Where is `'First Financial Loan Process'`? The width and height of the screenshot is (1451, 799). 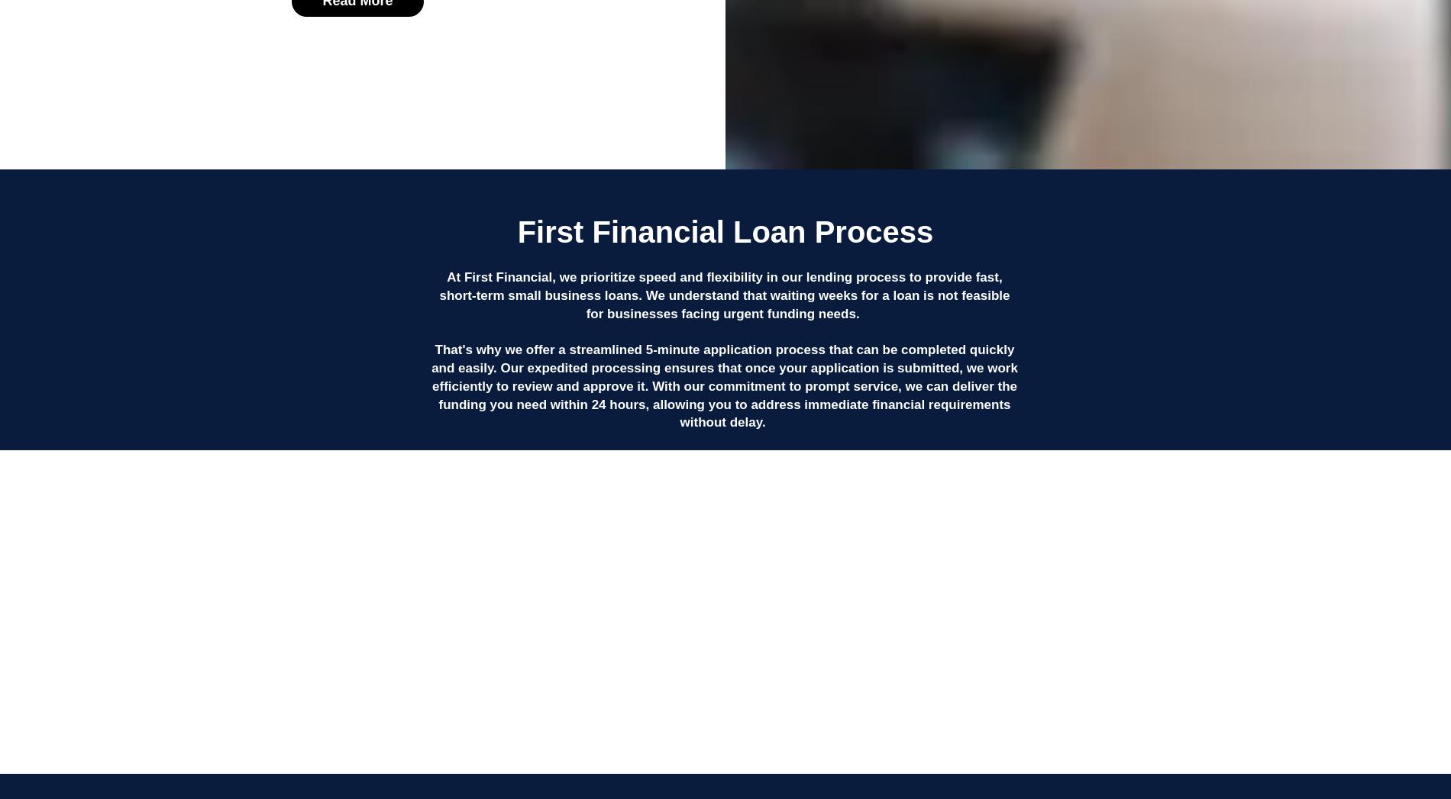 'First Financial Loan Process' is located at coordinates (516, 231).